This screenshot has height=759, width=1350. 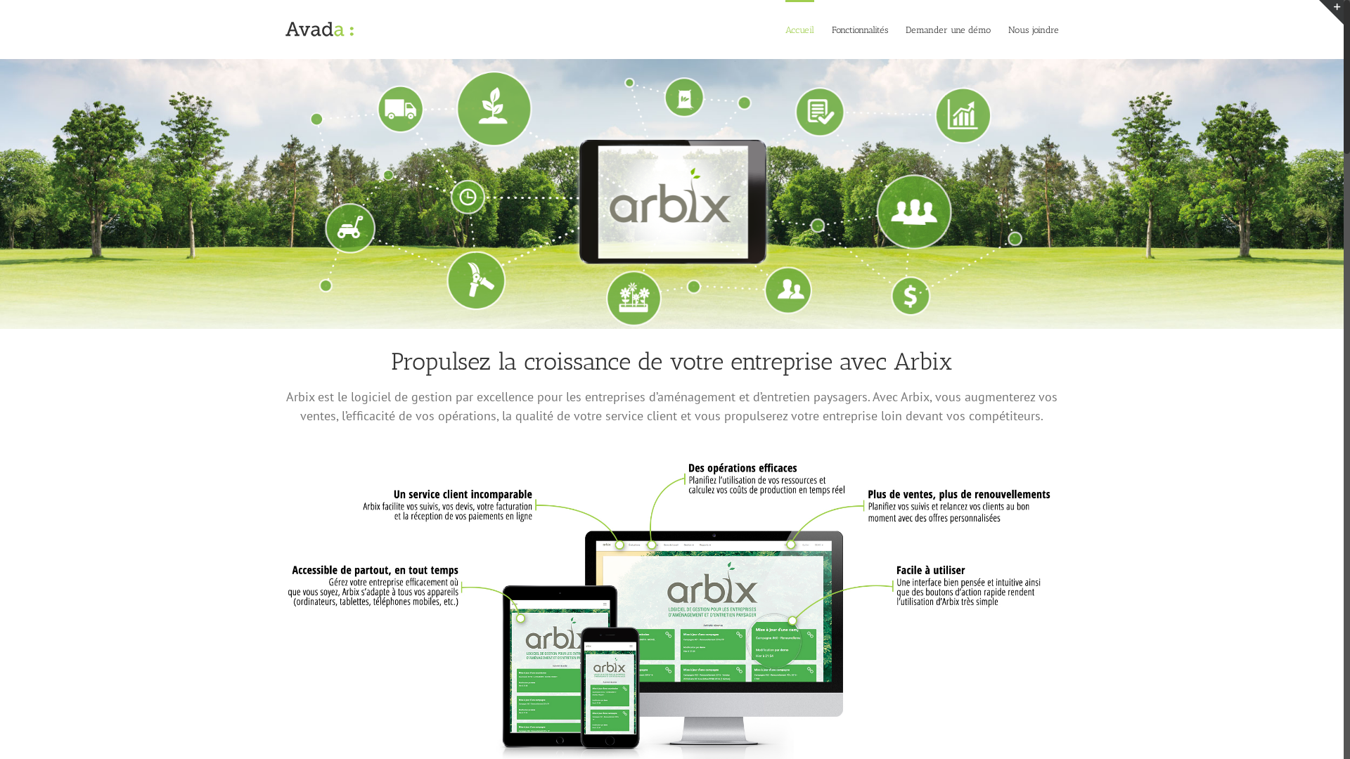 I want to click on 'Nous joindre', so click(x=1008, y=29).